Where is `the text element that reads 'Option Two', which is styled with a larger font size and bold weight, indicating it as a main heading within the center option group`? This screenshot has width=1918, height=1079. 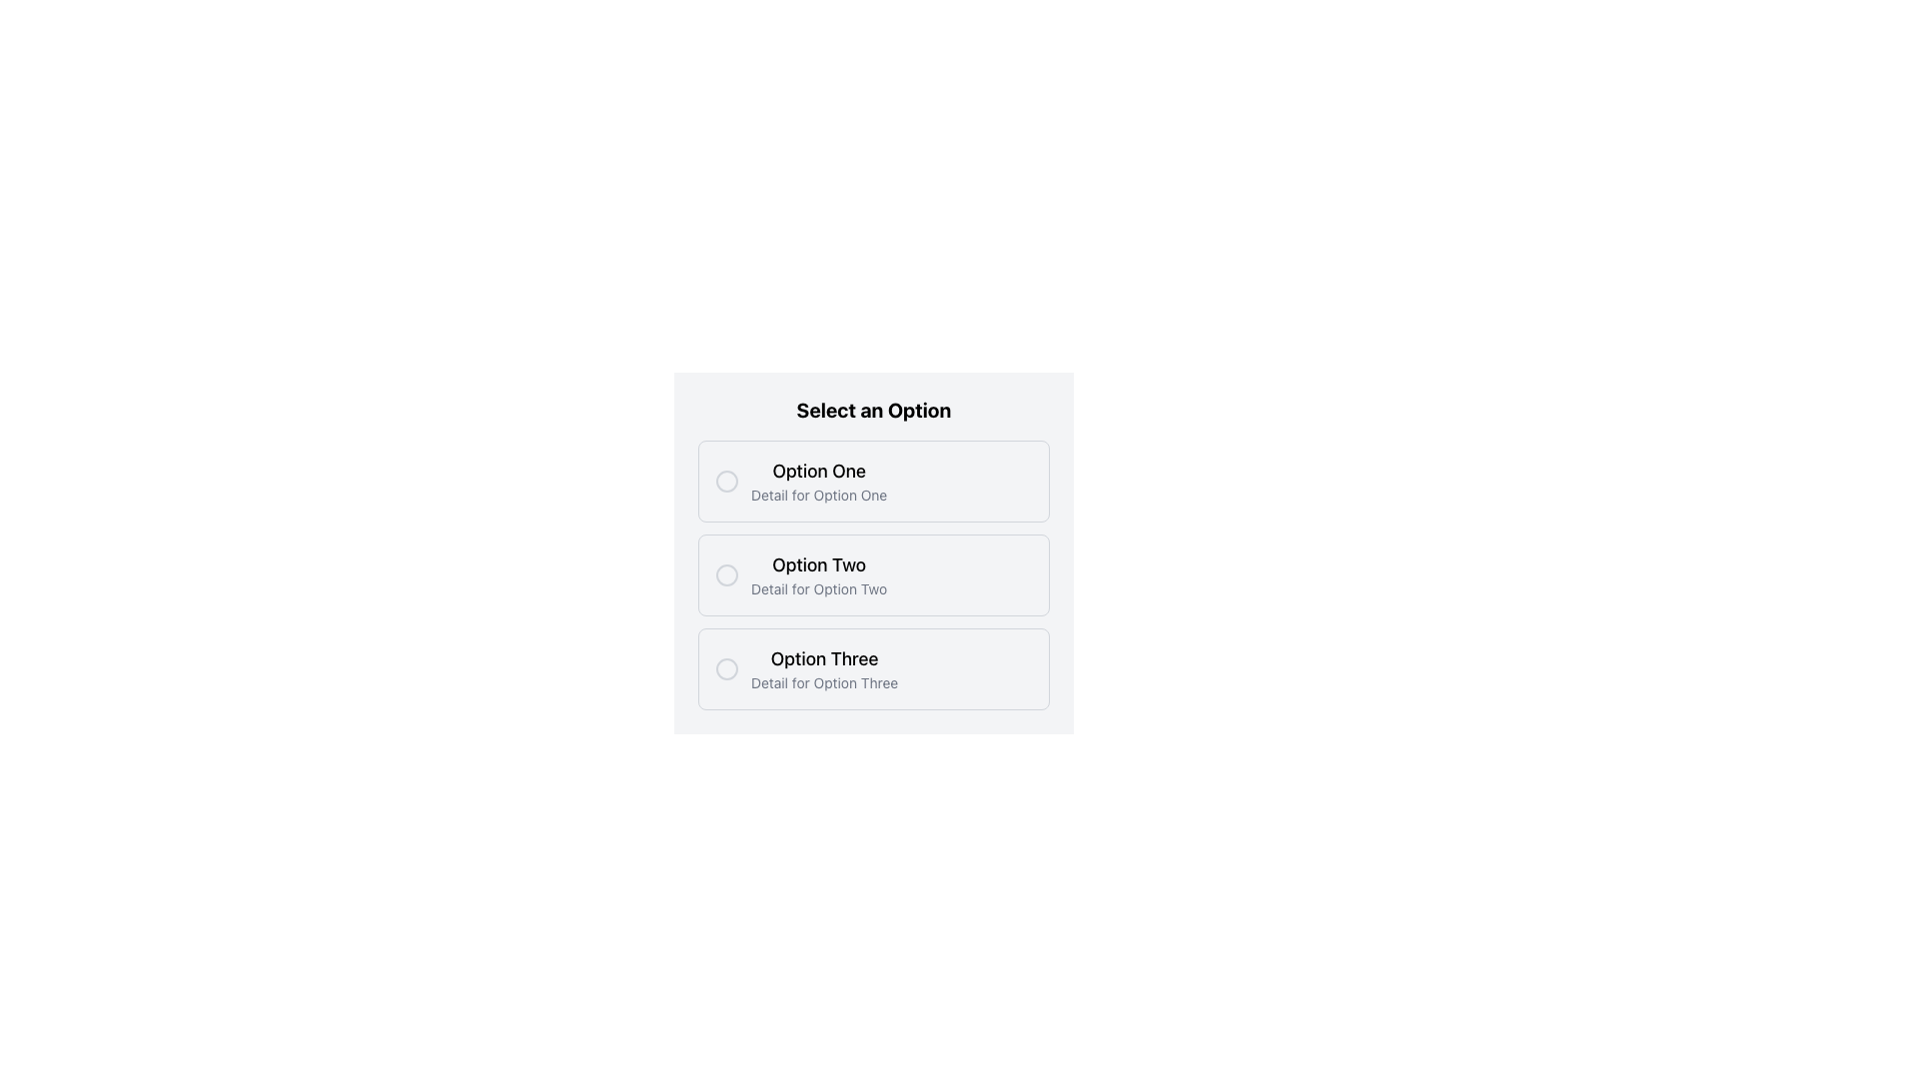
the text element that reads 'Option Two', which is styled with a larger font size and bold weight, indicating it as a main heading within the center option group is located at coordinates (819, 565).